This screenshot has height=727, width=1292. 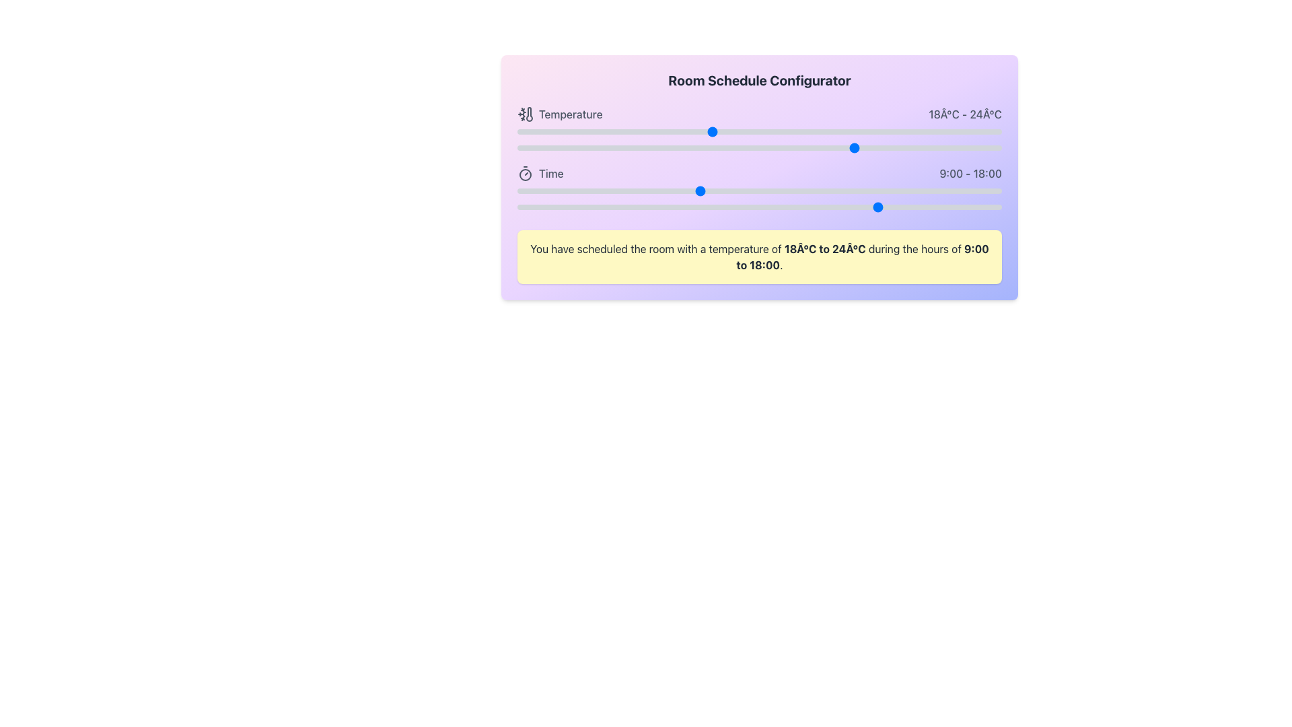 I want to click on the slider value, so click(x=808, y=147).